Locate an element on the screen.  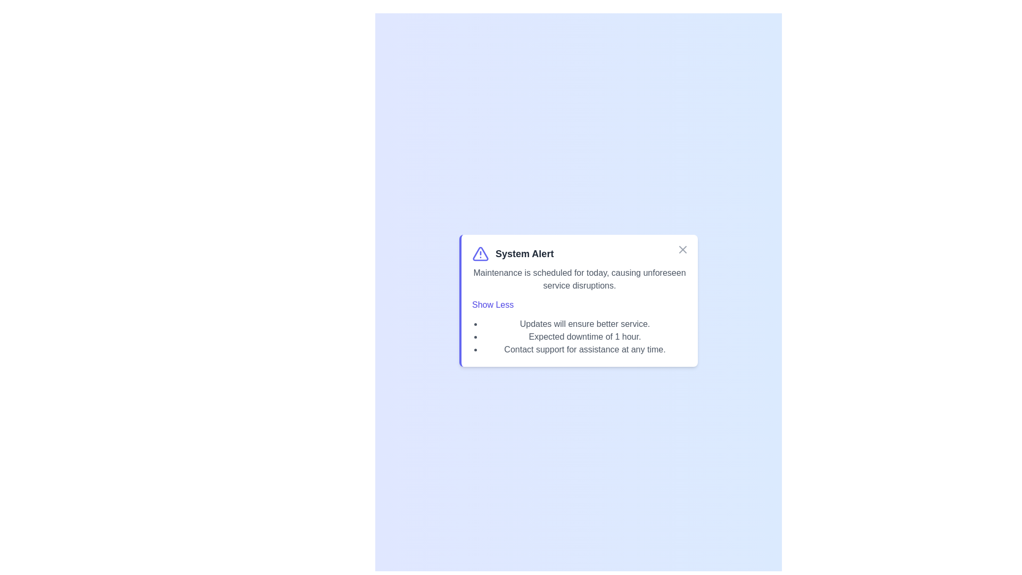
the close button (X) to close the alert is located at coordinates (682, 250).